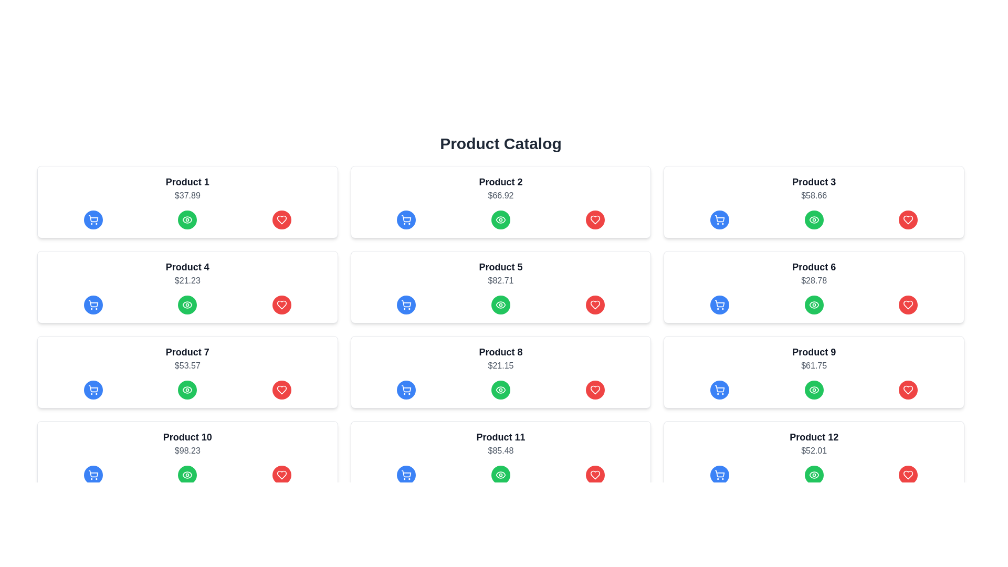  Describe the element at coordinates (813, 182) in the screenshot. I see `the text label displaying 'Product 3', which is styled with a larger font size, bold weight, and dark gray color, located in the third card of the product catalog grid` at that location.